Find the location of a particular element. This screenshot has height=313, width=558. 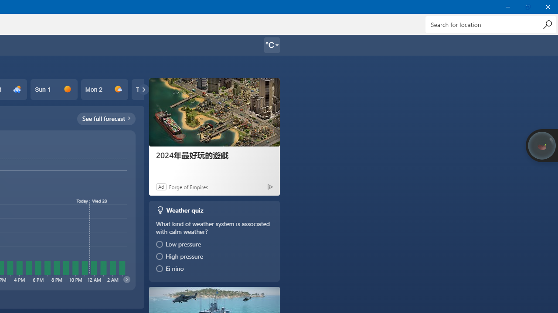

'Minimize Weather' is located at coordinates (507, 7).